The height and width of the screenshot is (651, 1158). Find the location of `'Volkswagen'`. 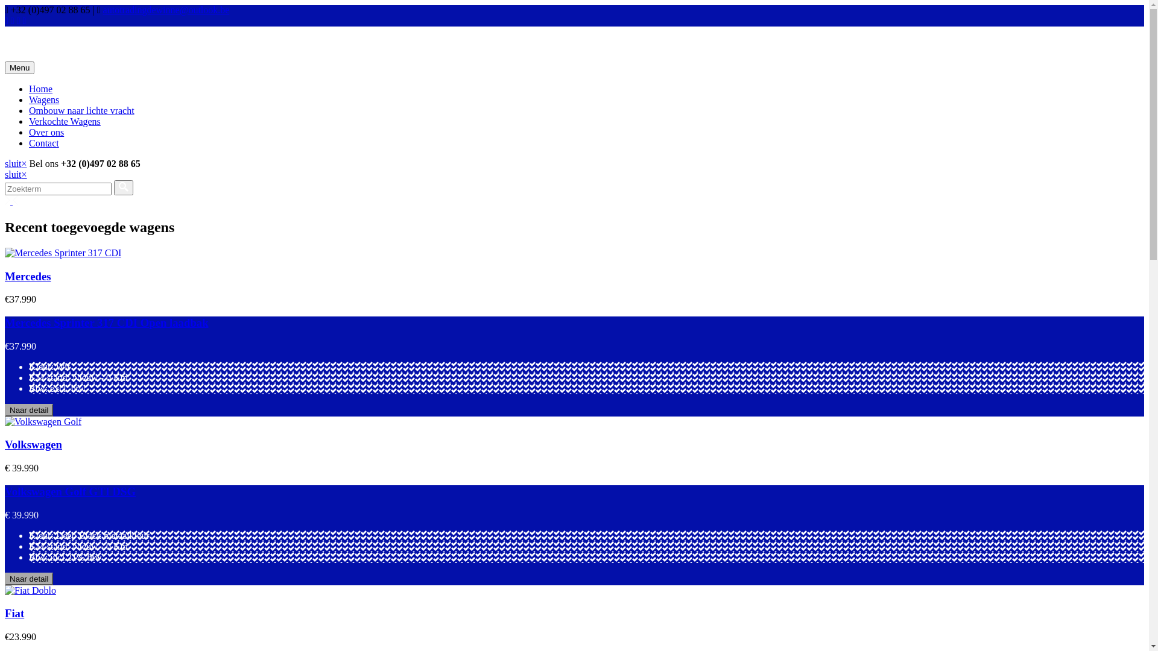

'Volkswagen' is located at coordinates (5, 444).